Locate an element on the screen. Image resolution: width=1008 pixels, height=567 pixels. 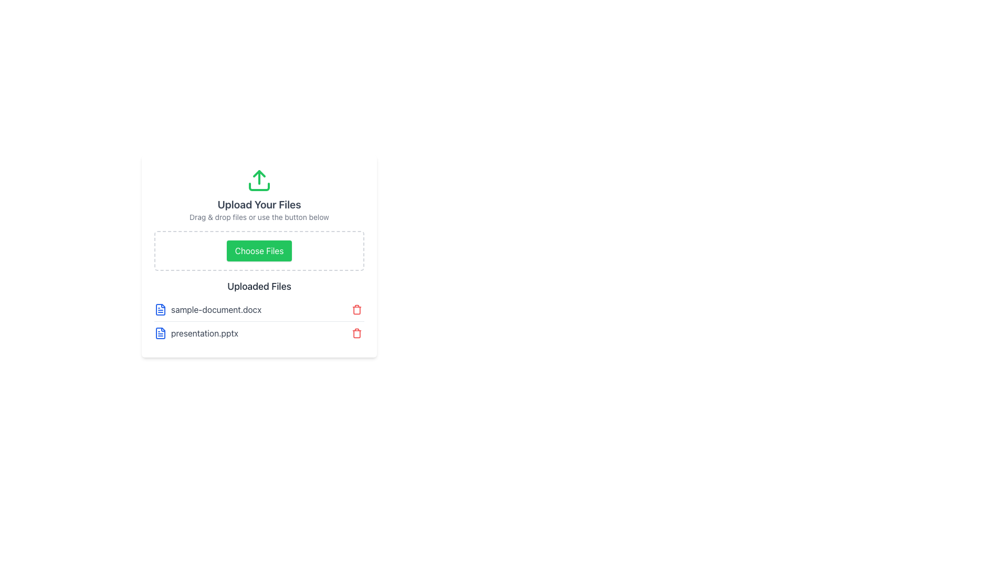
the delete button for the file entry 'presentation.pptx' in the uploaded files list is located at coordinates (357, 333).